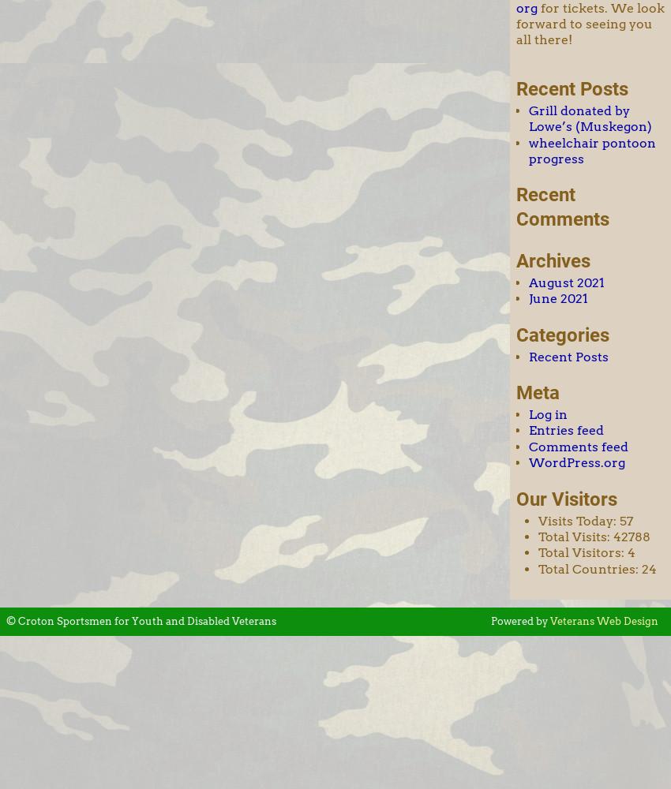 The height and width of the screenshot is (789, 671). What do you see at coordinates (528, 430) in the screenshot?
I see `'Entries feed'` at bounding box center [528, 430].